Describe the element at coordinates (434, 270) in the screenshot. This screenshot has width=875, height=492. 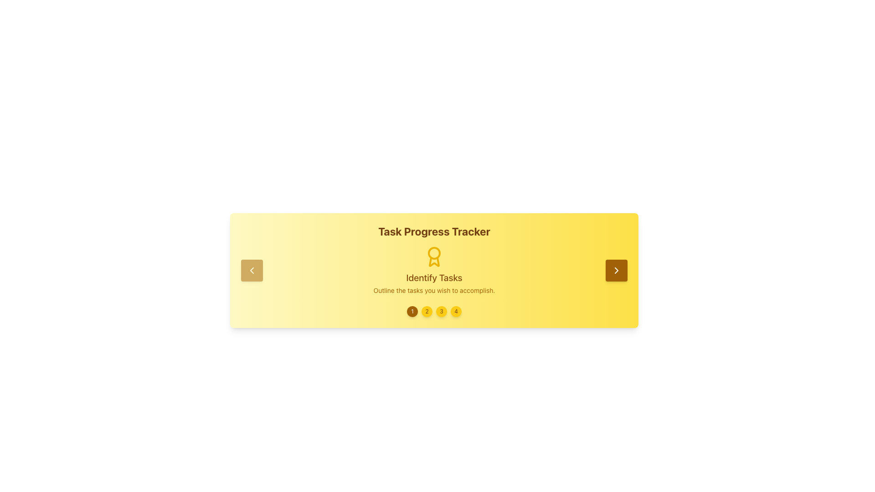
I see `the progress and navigation panel displaying 'Identify Tasks' from its current position` at that location.